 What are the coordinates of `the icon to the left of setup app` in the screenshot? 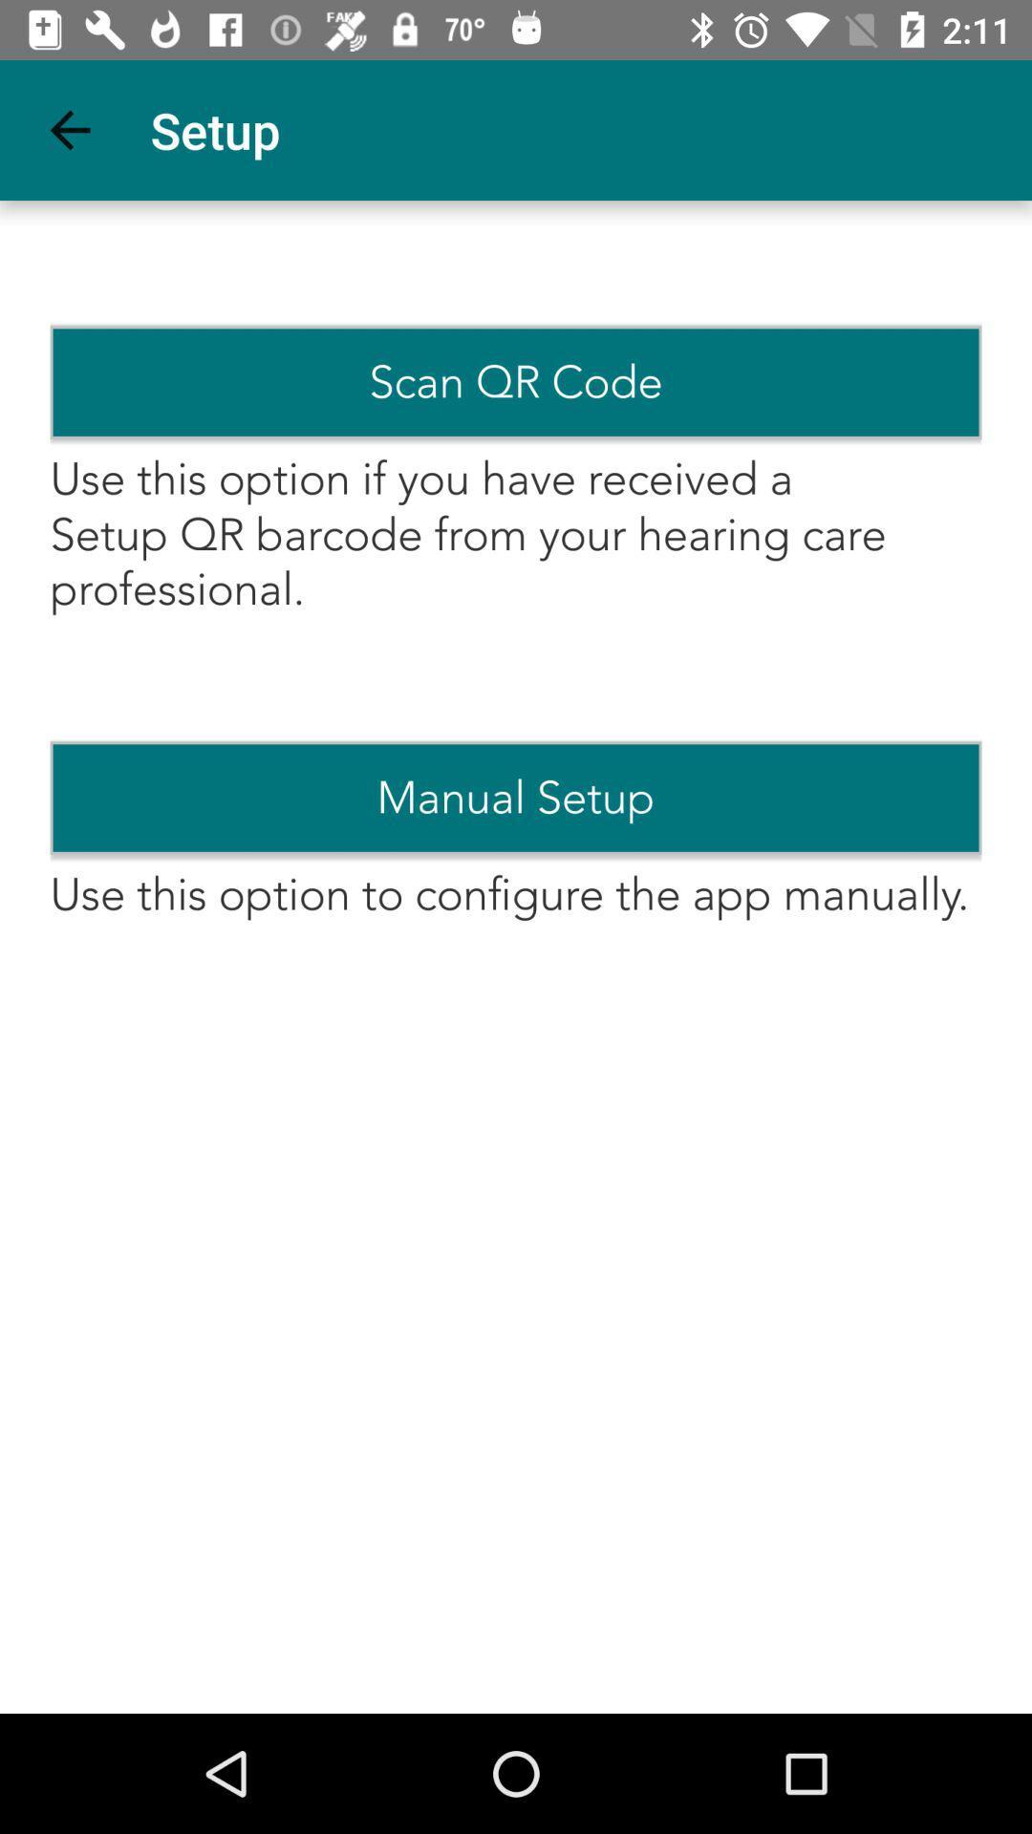 It's located at (69, 129).